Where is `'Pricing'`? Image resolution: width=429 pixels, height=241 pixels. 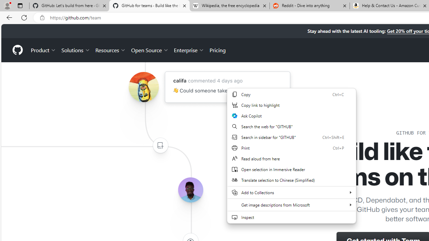
'Pricing' is located at coordinates (218, 50).